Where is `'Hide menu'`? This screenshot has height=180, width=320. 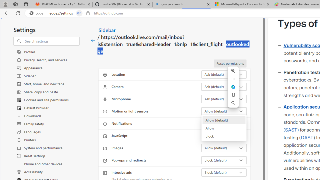 'Hide menu' is located at coordinates (233, 71).